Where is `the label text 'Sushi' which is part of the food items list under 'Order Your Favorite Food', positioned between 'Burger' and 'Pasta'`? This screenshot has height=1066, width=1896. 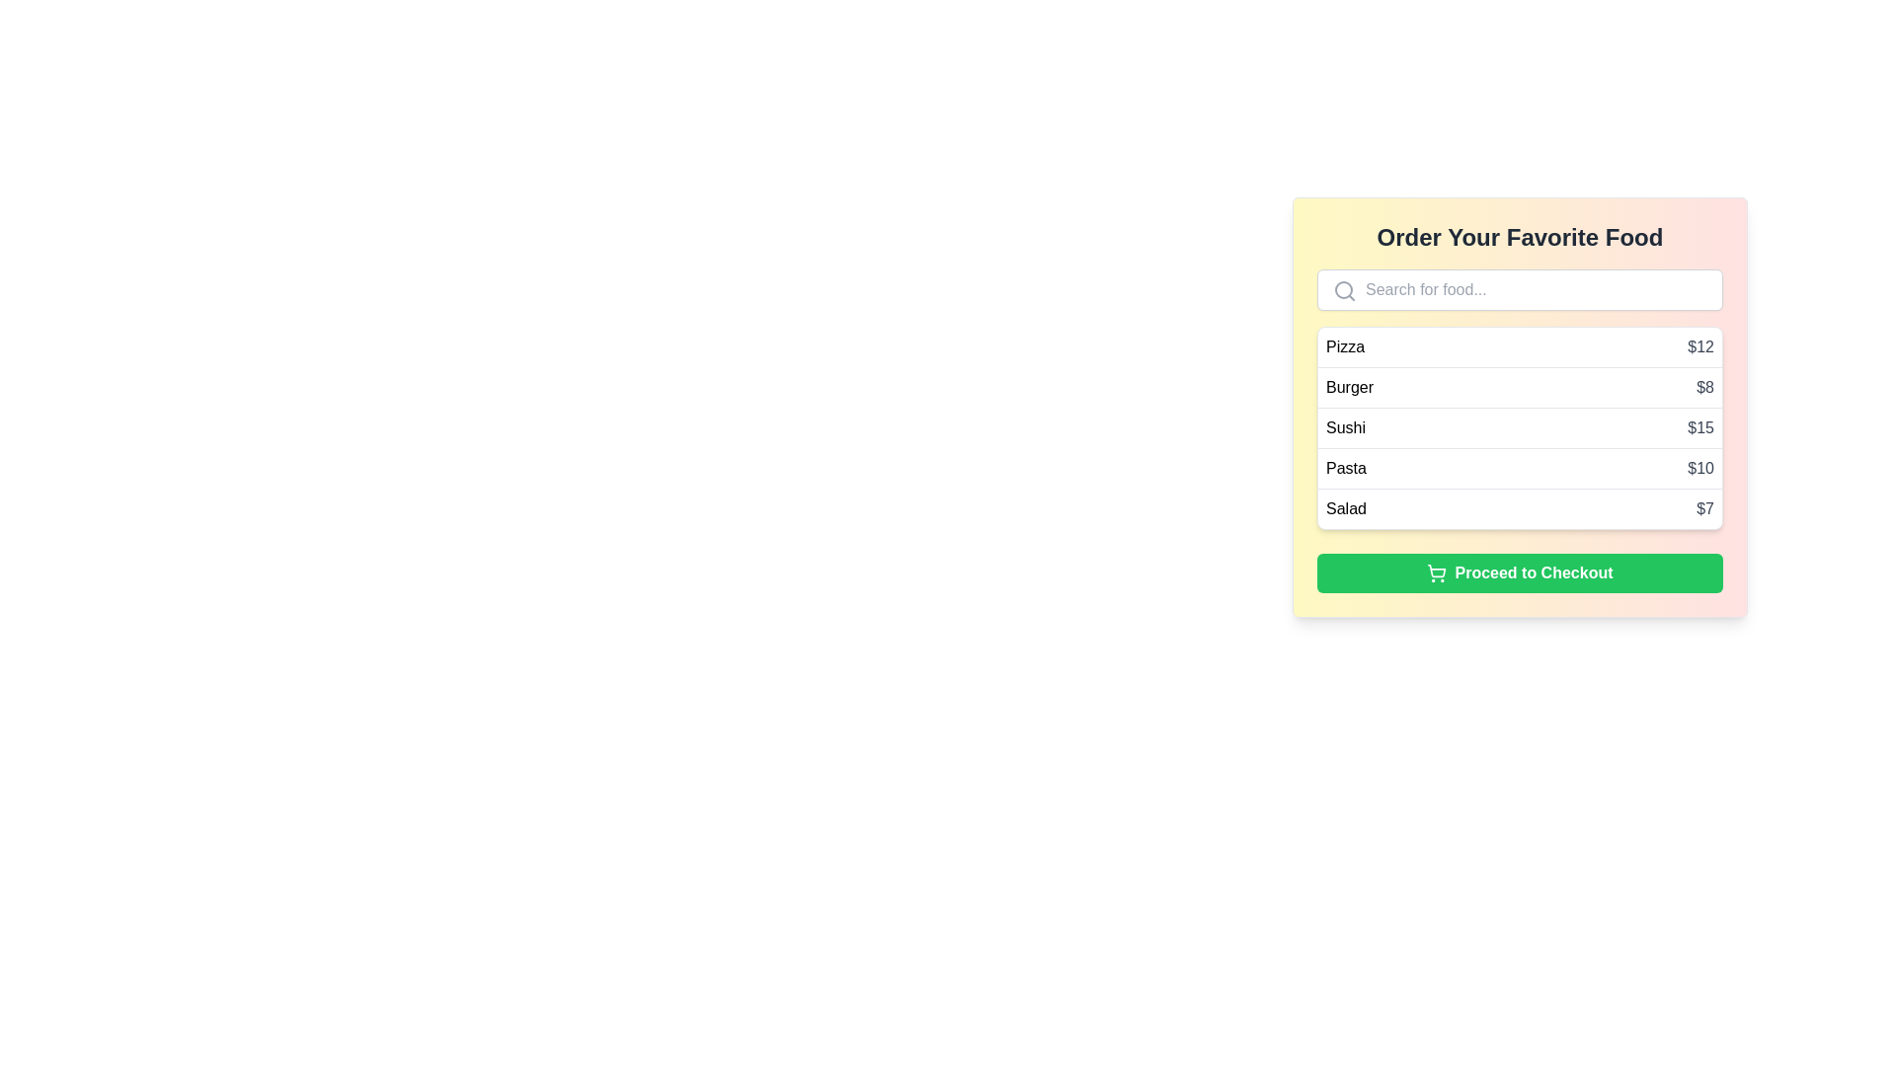
the label text 'Sushi' which is part of the food items list under 'Order Your Favorite Food', positioned between 'Burger' and 'Pasta' is located at coordinates (1345, 427).